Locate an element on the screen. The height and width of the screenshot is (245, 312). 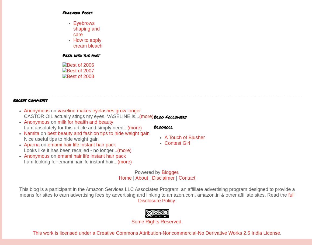
'How to apply cream bleach' is located at coordinates (88, 43).